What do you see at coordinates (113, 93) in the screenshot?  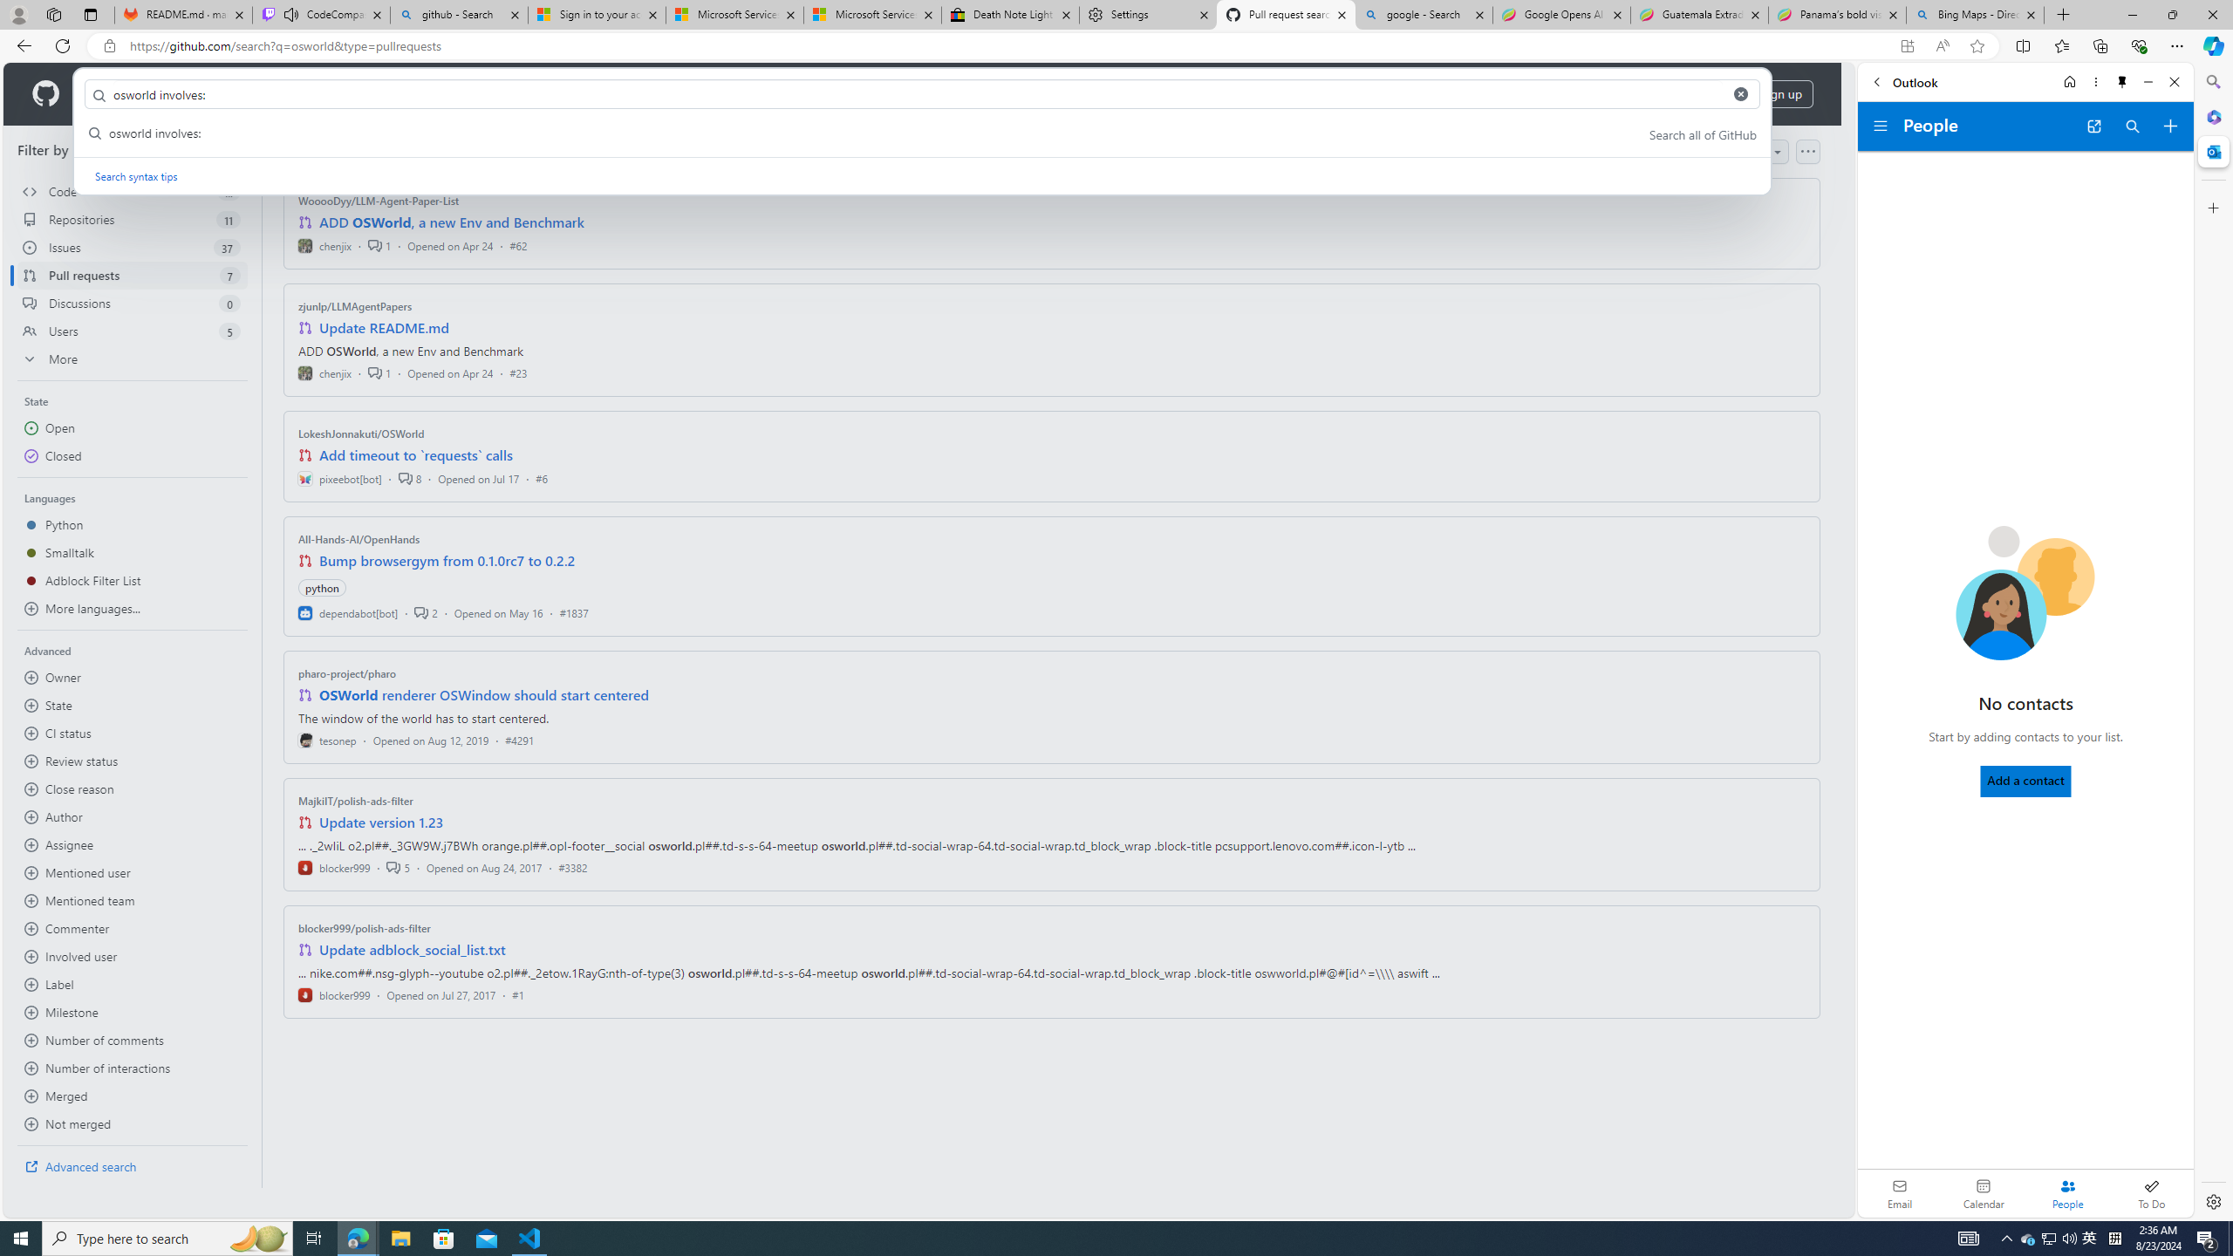 I see `'Product'` at bounding box center [113, 93].